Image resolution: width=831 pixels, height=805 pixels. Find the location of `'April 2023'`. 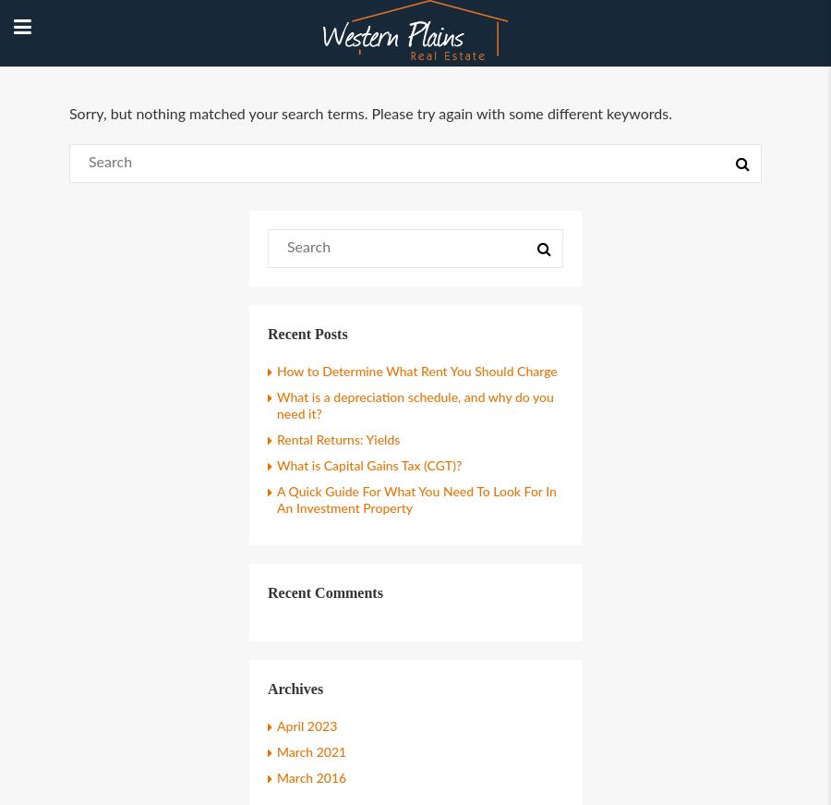

'April 2023' is located at coordinates (275, 726).